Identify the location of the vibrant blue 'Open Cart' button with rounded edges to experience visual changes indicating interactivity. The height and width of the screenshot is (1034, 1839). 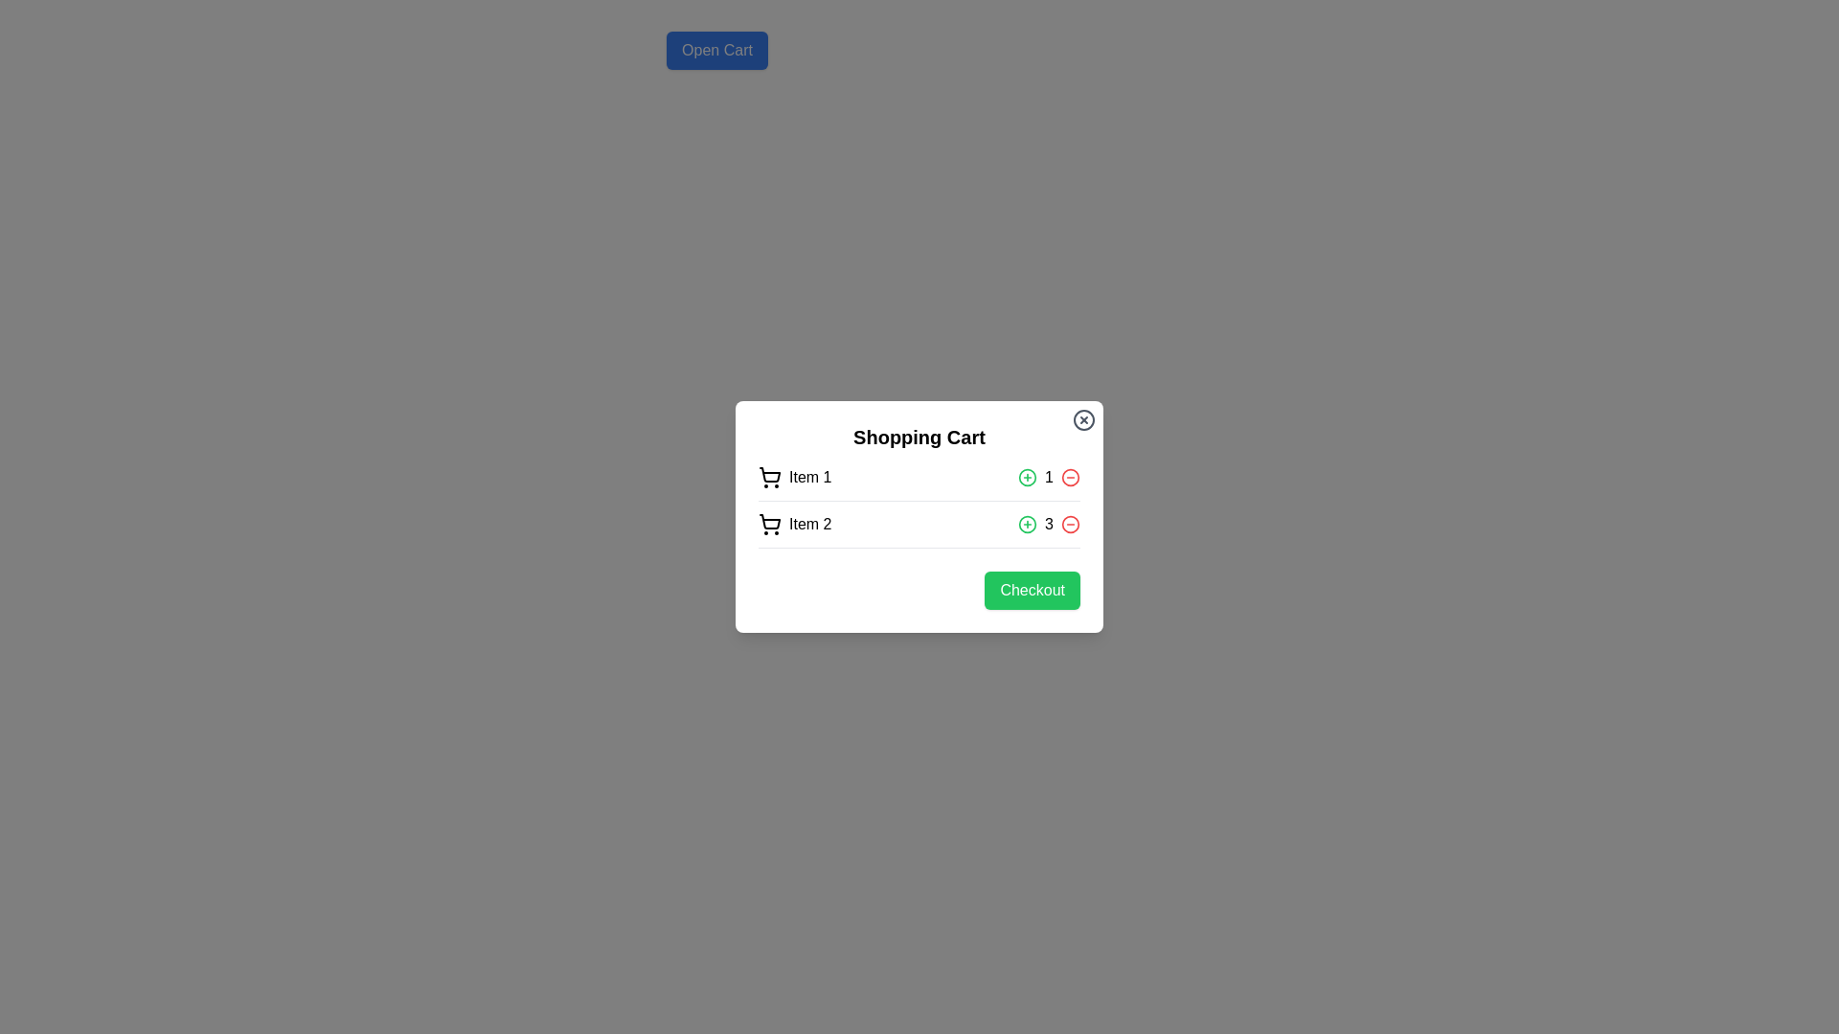
(715, 50).